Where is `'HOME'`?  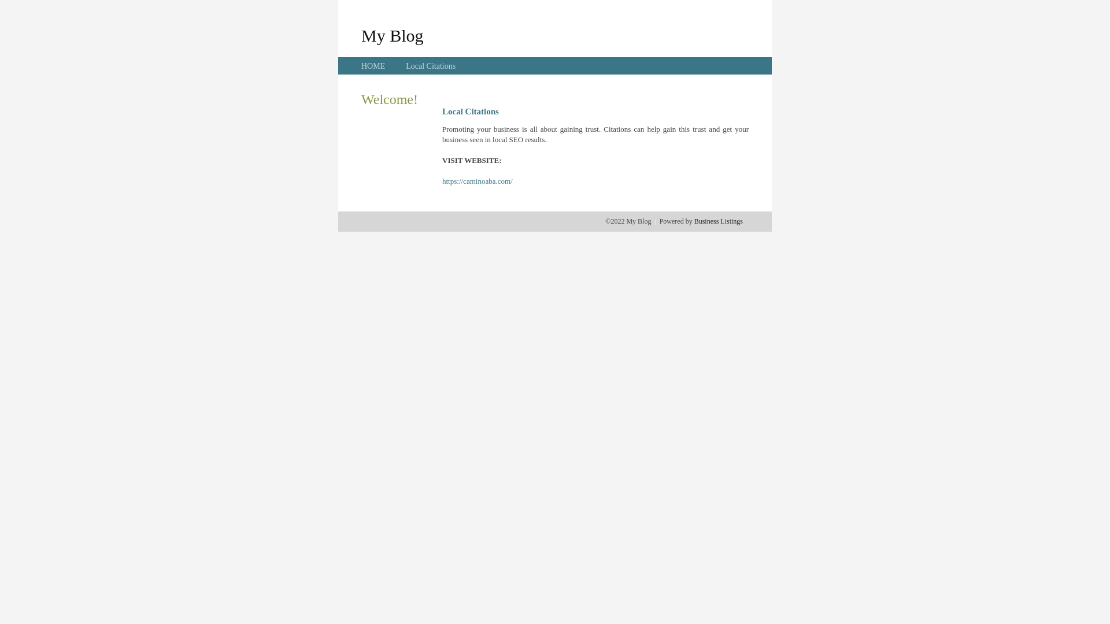
'HOME' is located at coordinates (373, 66).